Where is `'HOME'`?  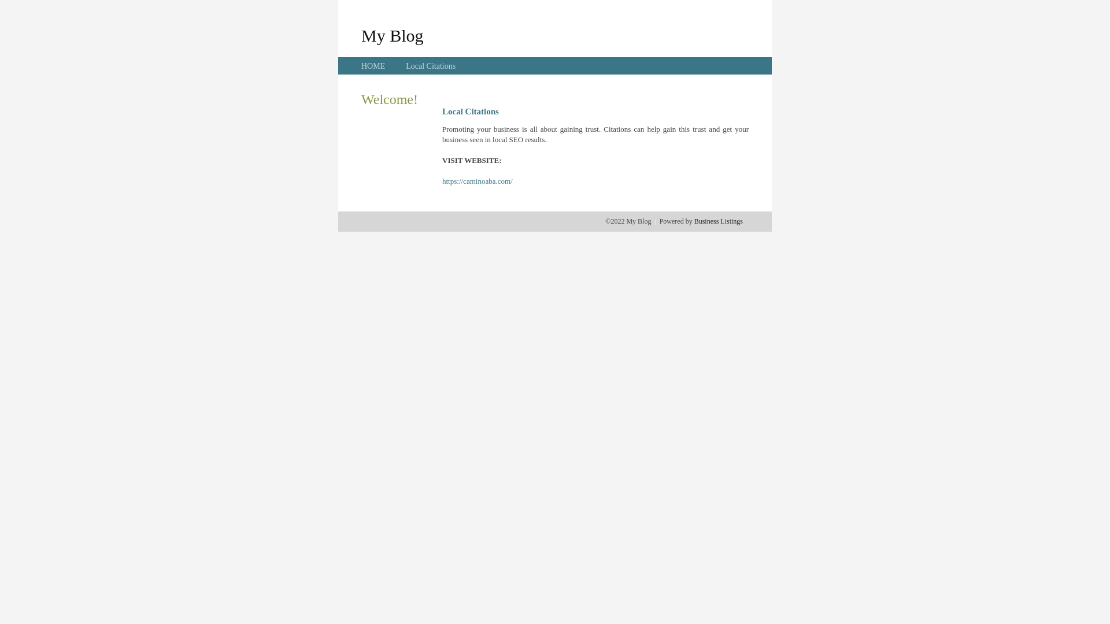
'HOME' is located at coordinates (373, 66).